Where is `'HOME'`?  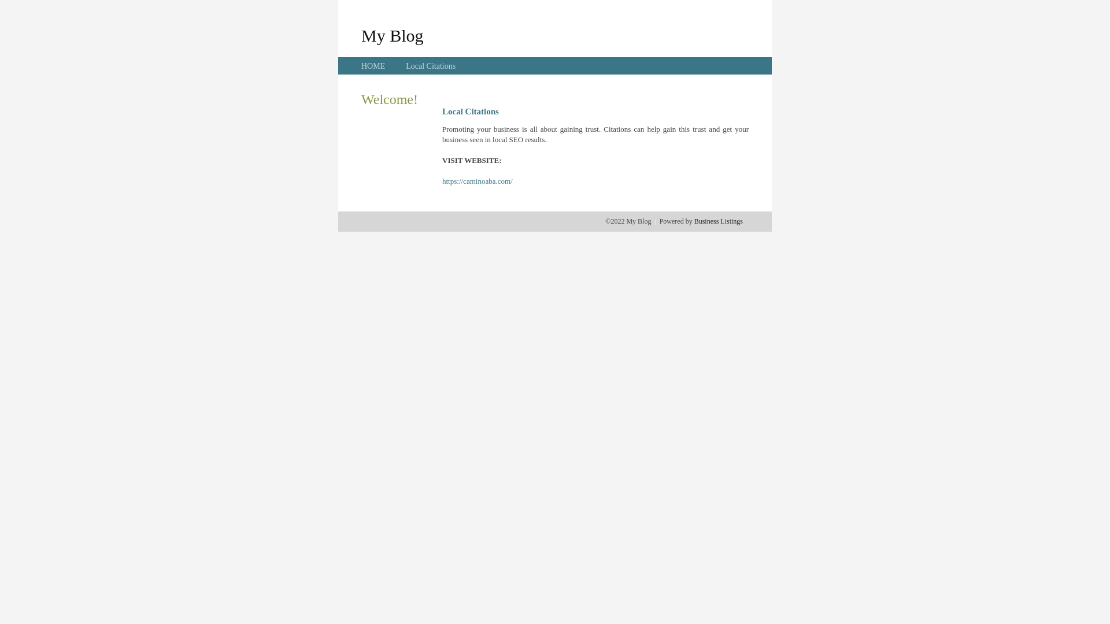
'HOME' is located at coordinates (373, 66).